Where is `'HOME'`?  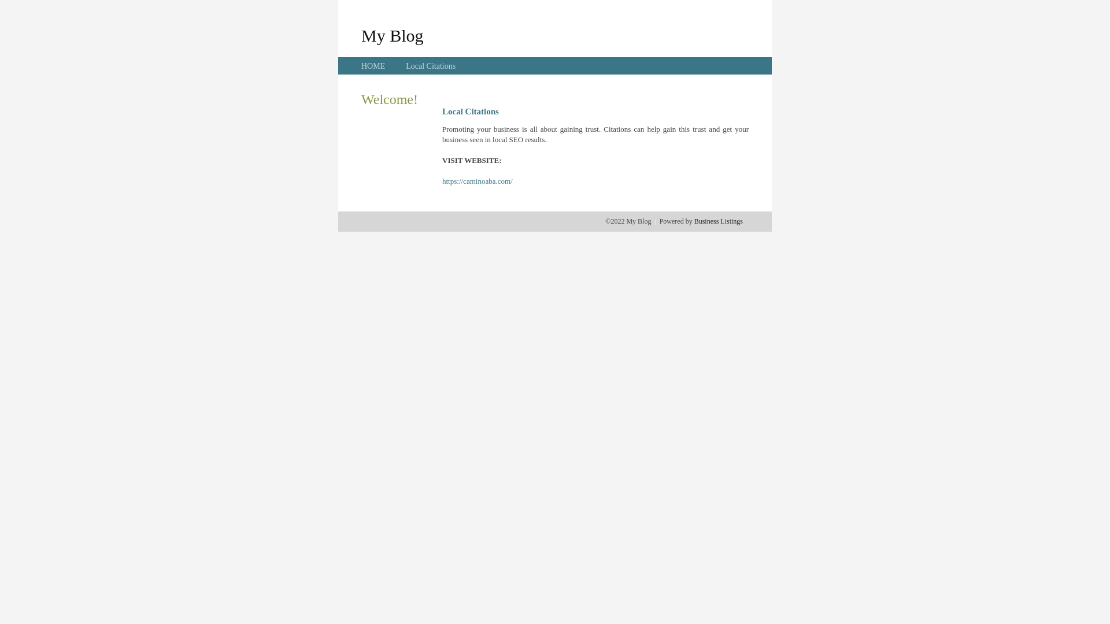
'HOME' is located at coordinates (373, 66).